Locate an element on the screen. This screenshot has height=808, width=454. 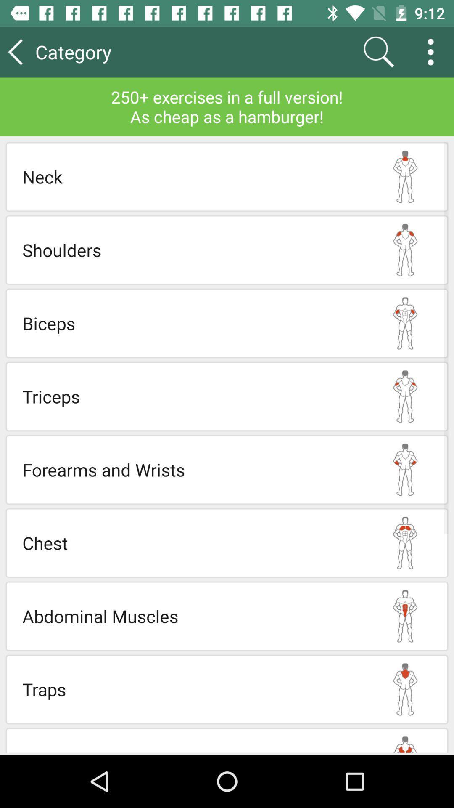
the forearms and wrists app is located at coordinates (192, 469).